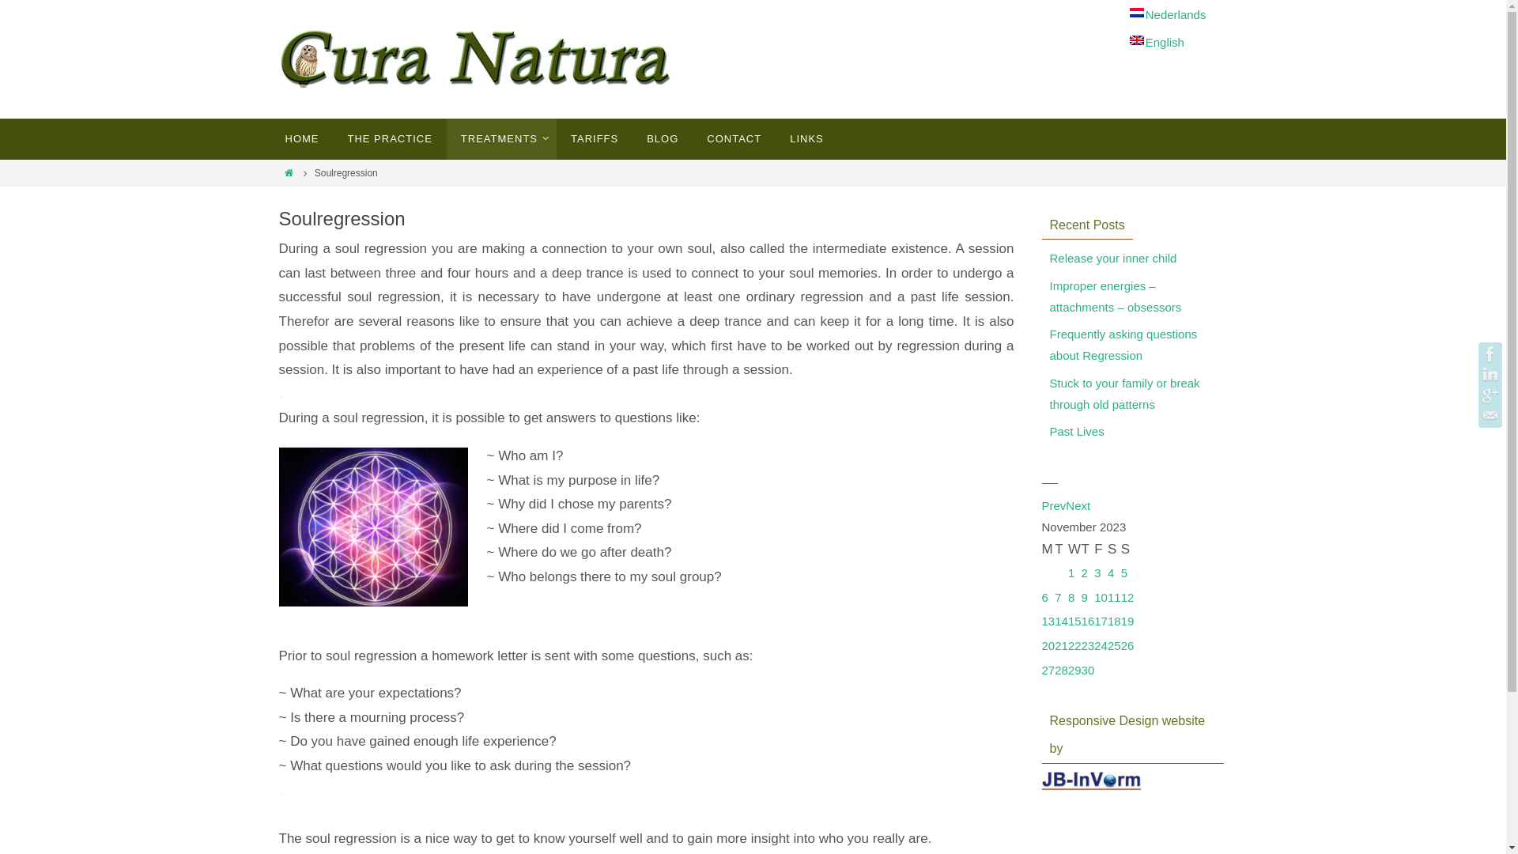  What do you see at coordinates (1113, 646) in the screenshot?
I see `'25'` at bounding box center [1113, 646].